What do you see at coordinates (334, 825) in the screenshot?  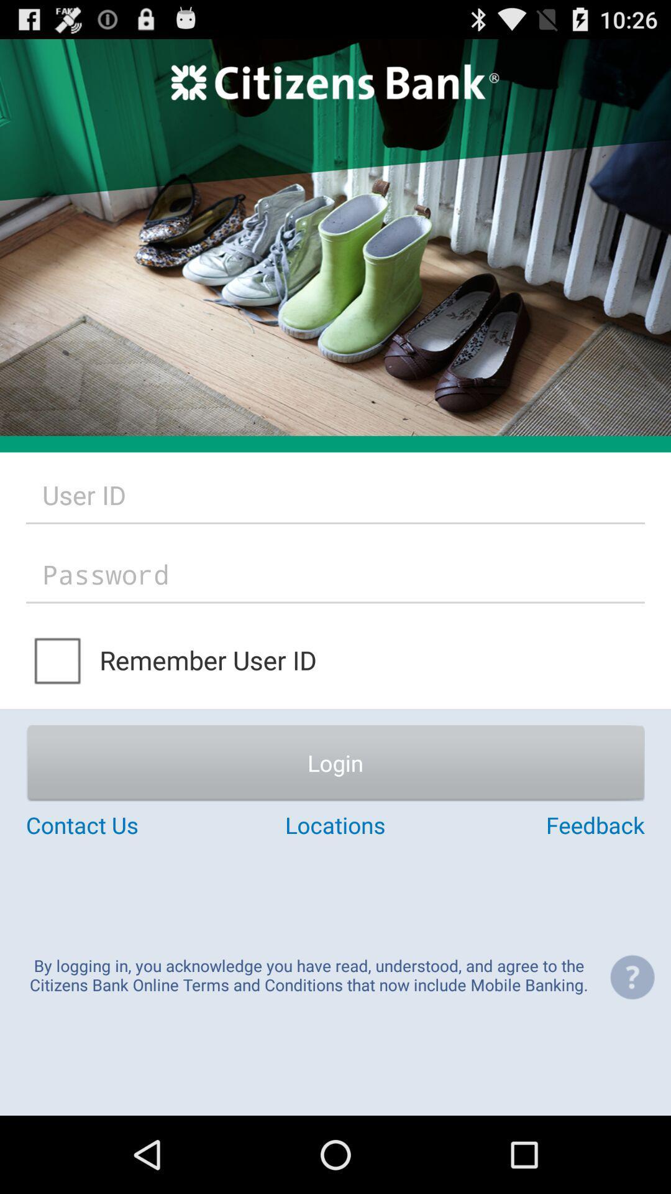 I see `item below login button` at bounding box center [334, 825].